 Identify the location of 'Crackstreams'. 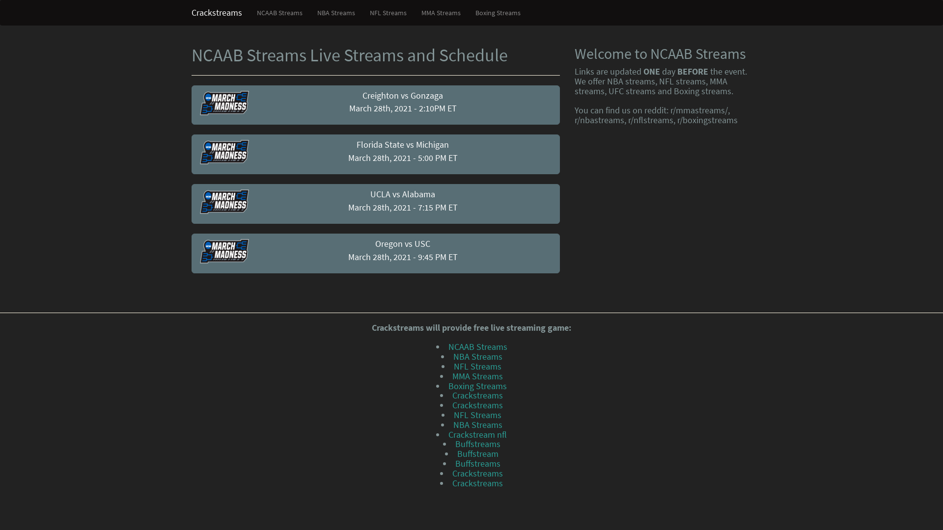
(216, 13).